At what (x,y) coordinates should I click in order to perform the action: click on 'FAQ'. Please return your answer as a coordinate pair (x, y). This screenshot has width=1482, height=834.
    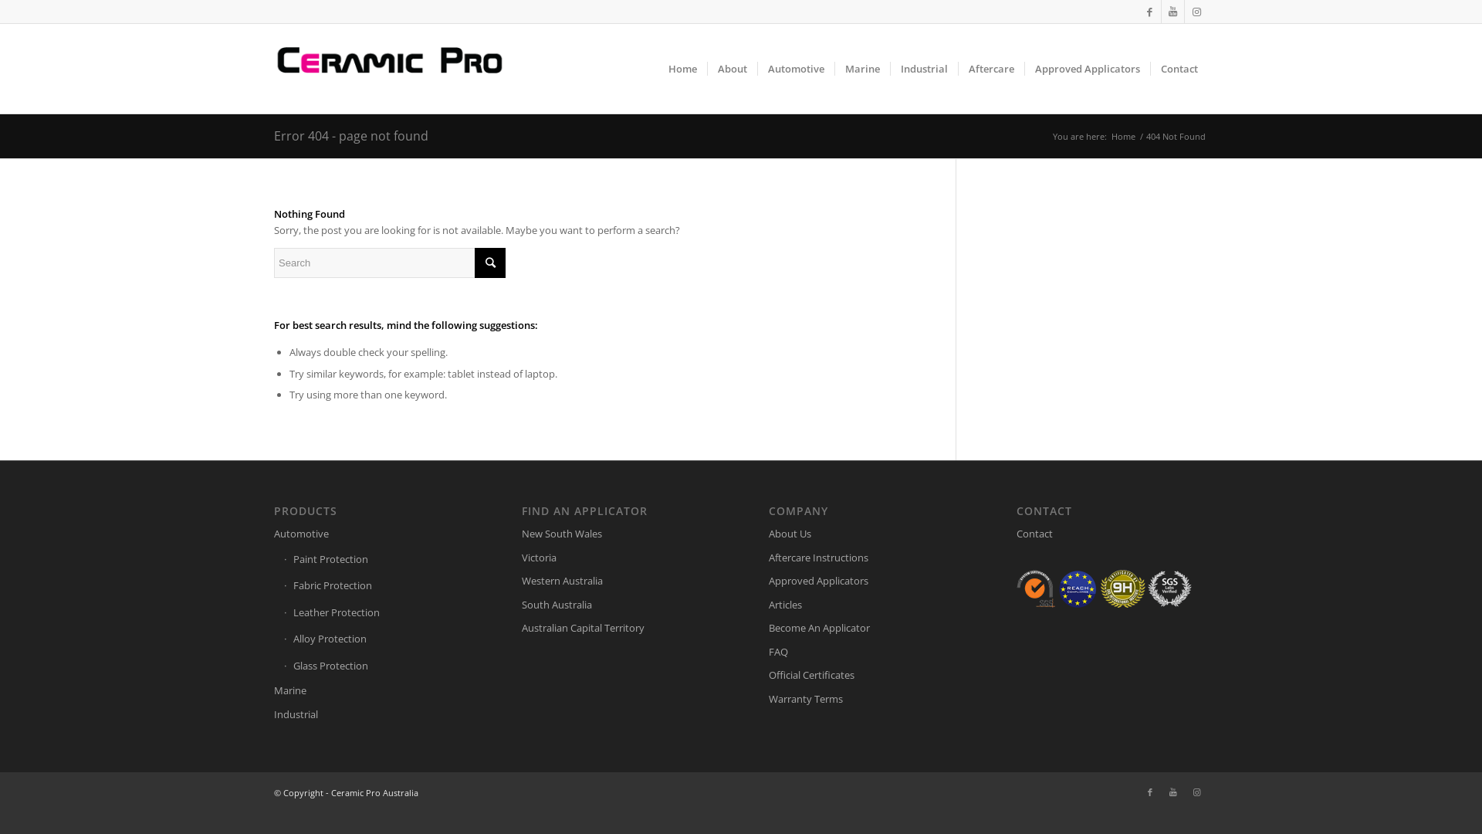
    Looking at the image, I should click on (769, 652).